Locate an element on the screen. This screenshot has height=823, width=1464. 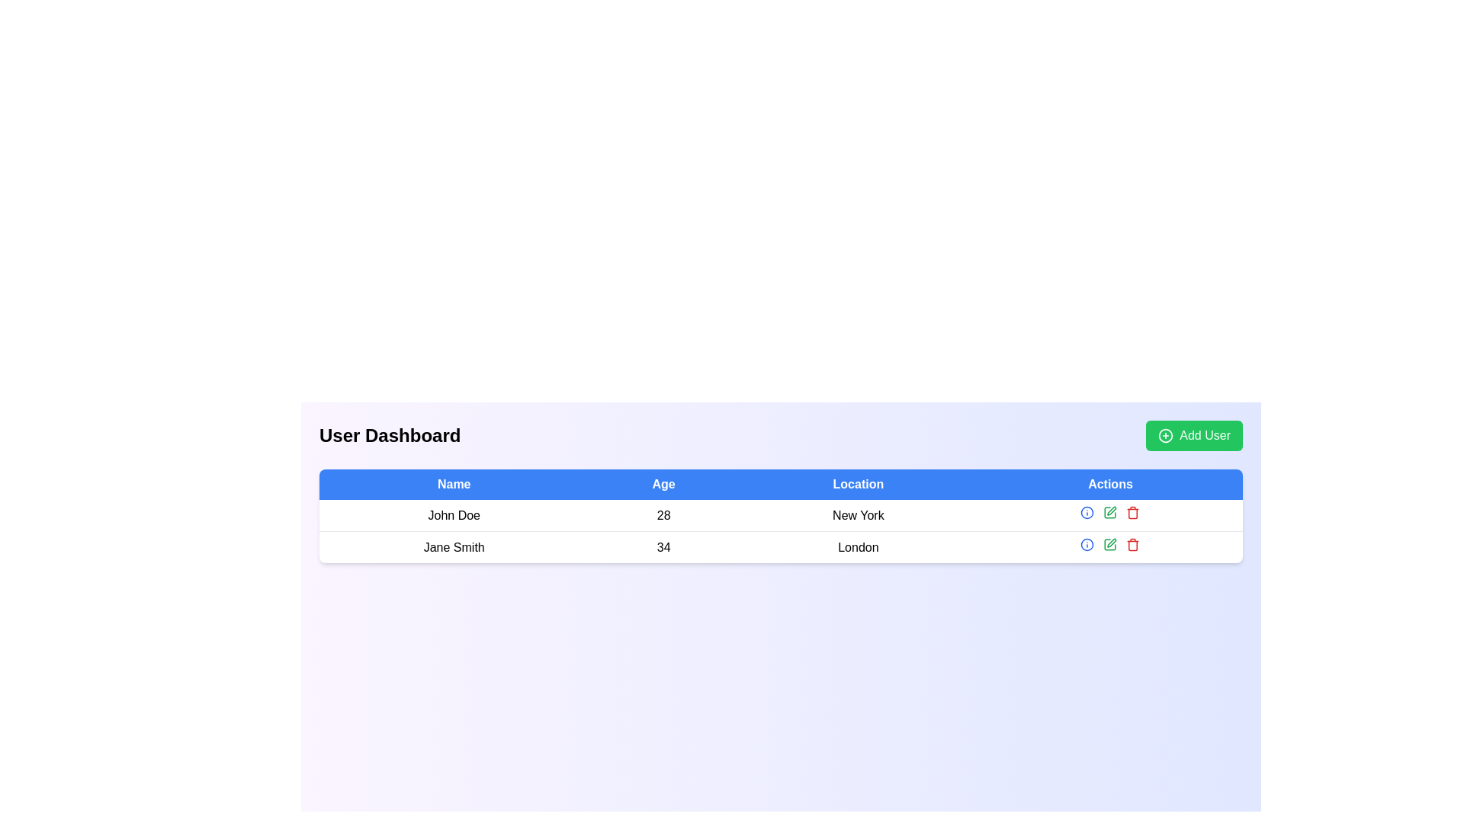
the header label component labeled 'Name', which is the first item in the table header section, displayed in bold, white text on a blue background is located at coordinates (453, 485).